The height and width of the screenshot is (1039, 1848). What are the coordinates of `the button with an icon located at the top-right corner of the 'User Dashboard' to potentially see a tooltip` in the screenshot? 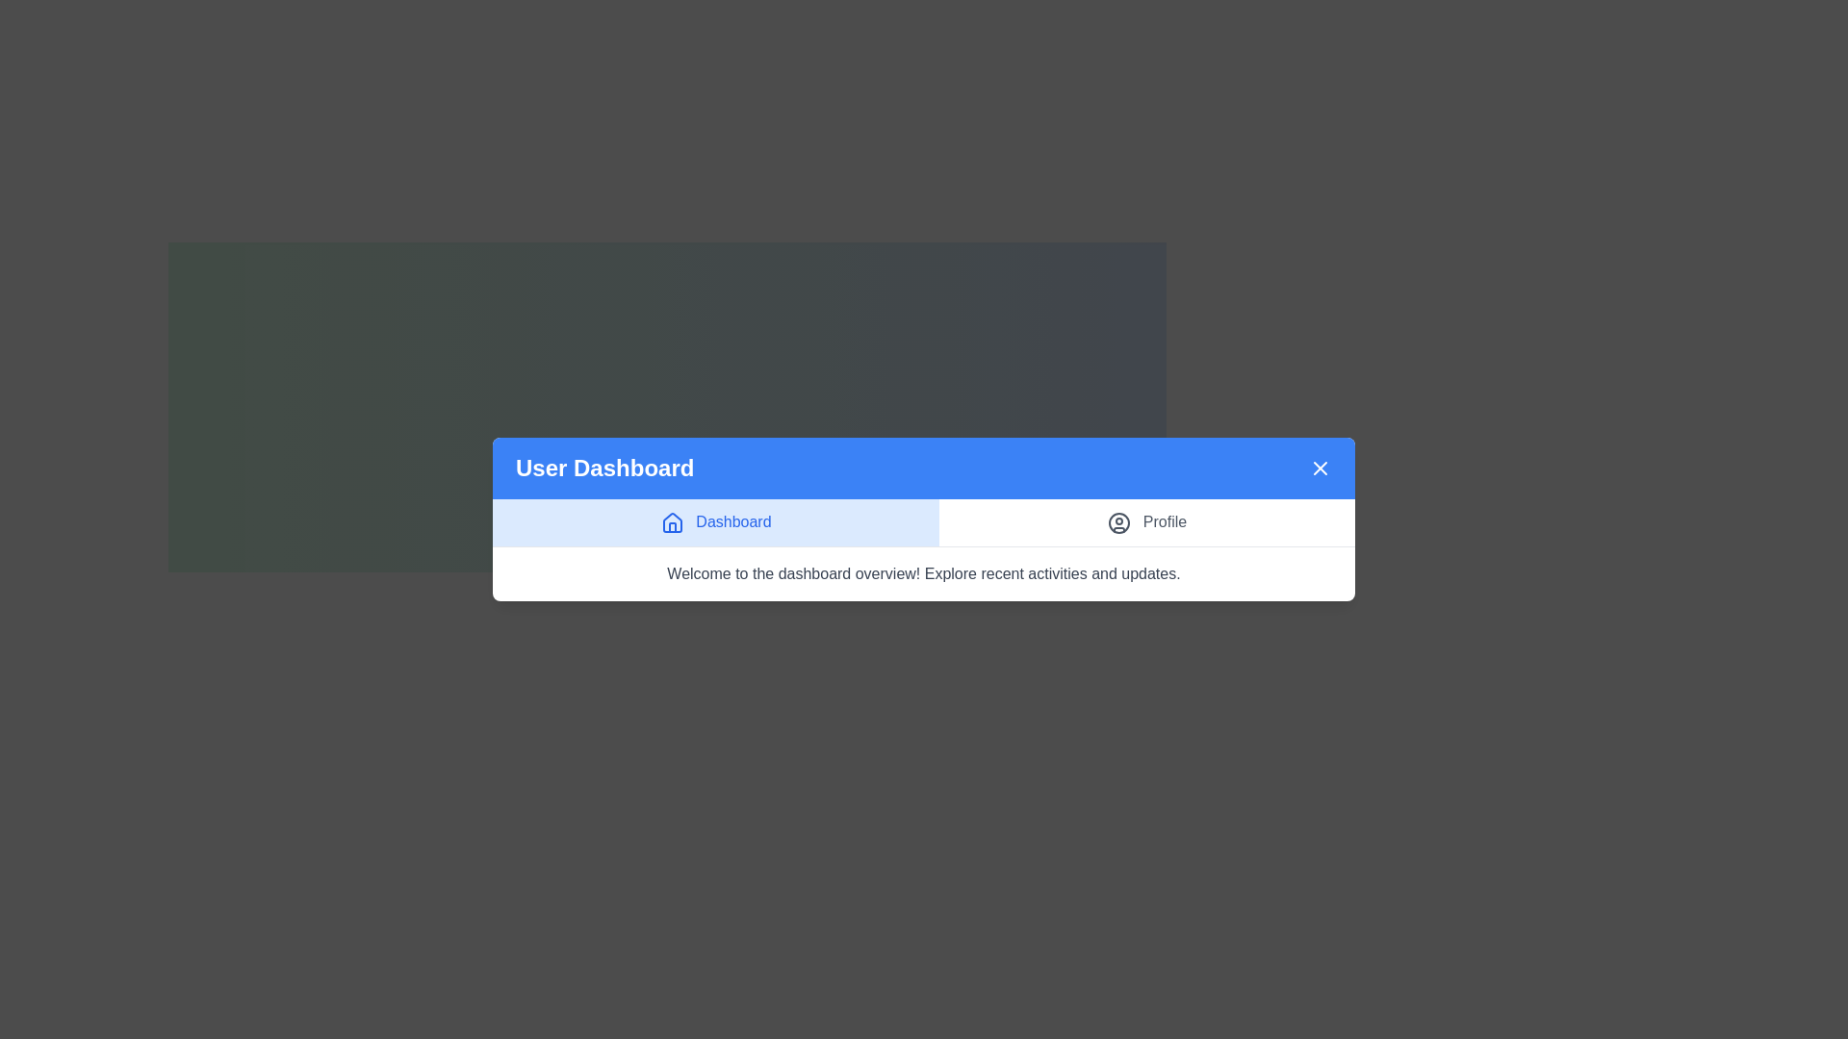 It's located at (1320, 468).